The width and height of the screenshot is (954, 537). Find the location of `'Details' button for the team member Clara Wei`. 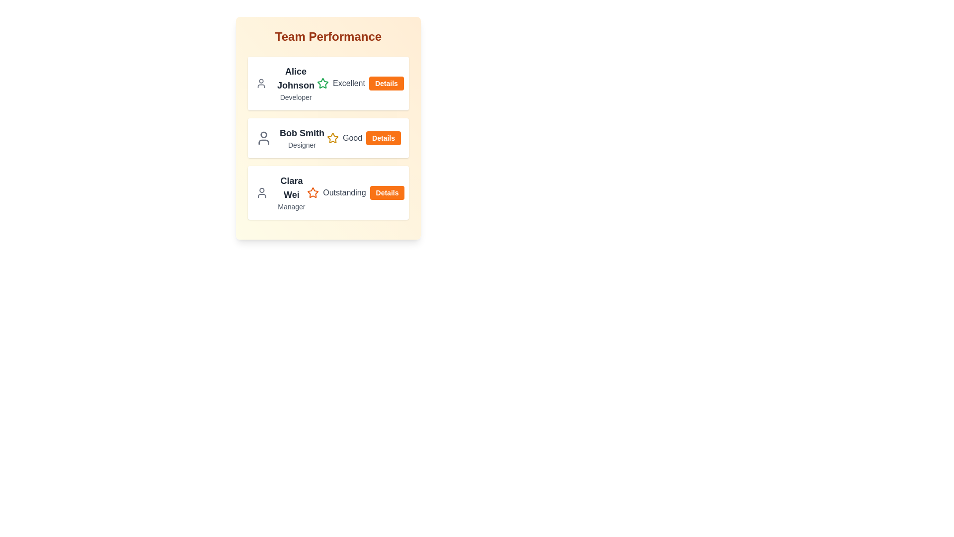

'Details' button for the team member Clara Wei is located at coordinates (387, 193).